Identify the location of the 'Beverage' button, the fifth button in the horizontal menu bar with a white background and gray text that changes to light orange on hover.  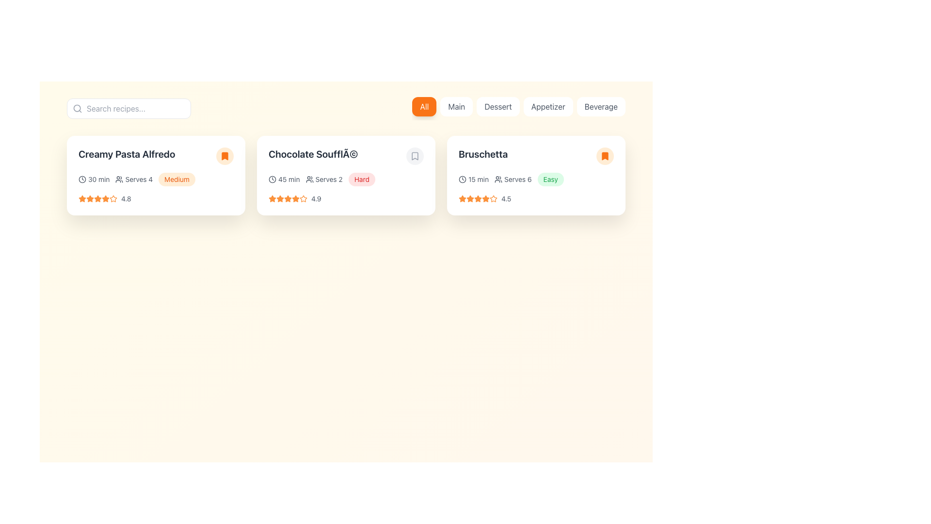
(600, 106).